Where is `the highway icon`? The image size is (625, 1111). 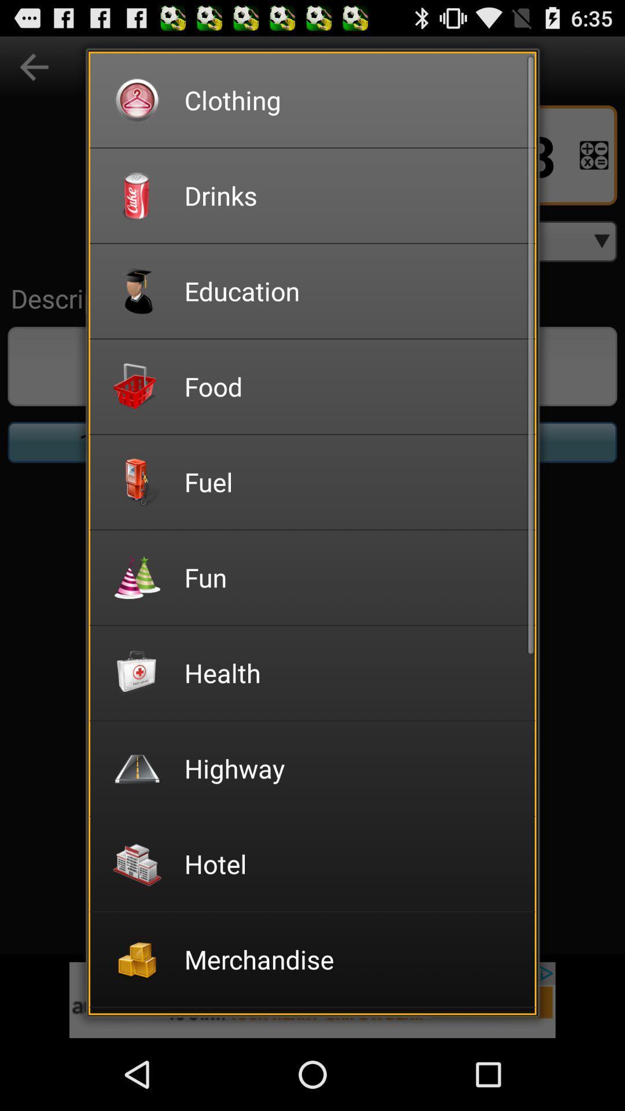 the highway icon is located at coordinates (351, 768).